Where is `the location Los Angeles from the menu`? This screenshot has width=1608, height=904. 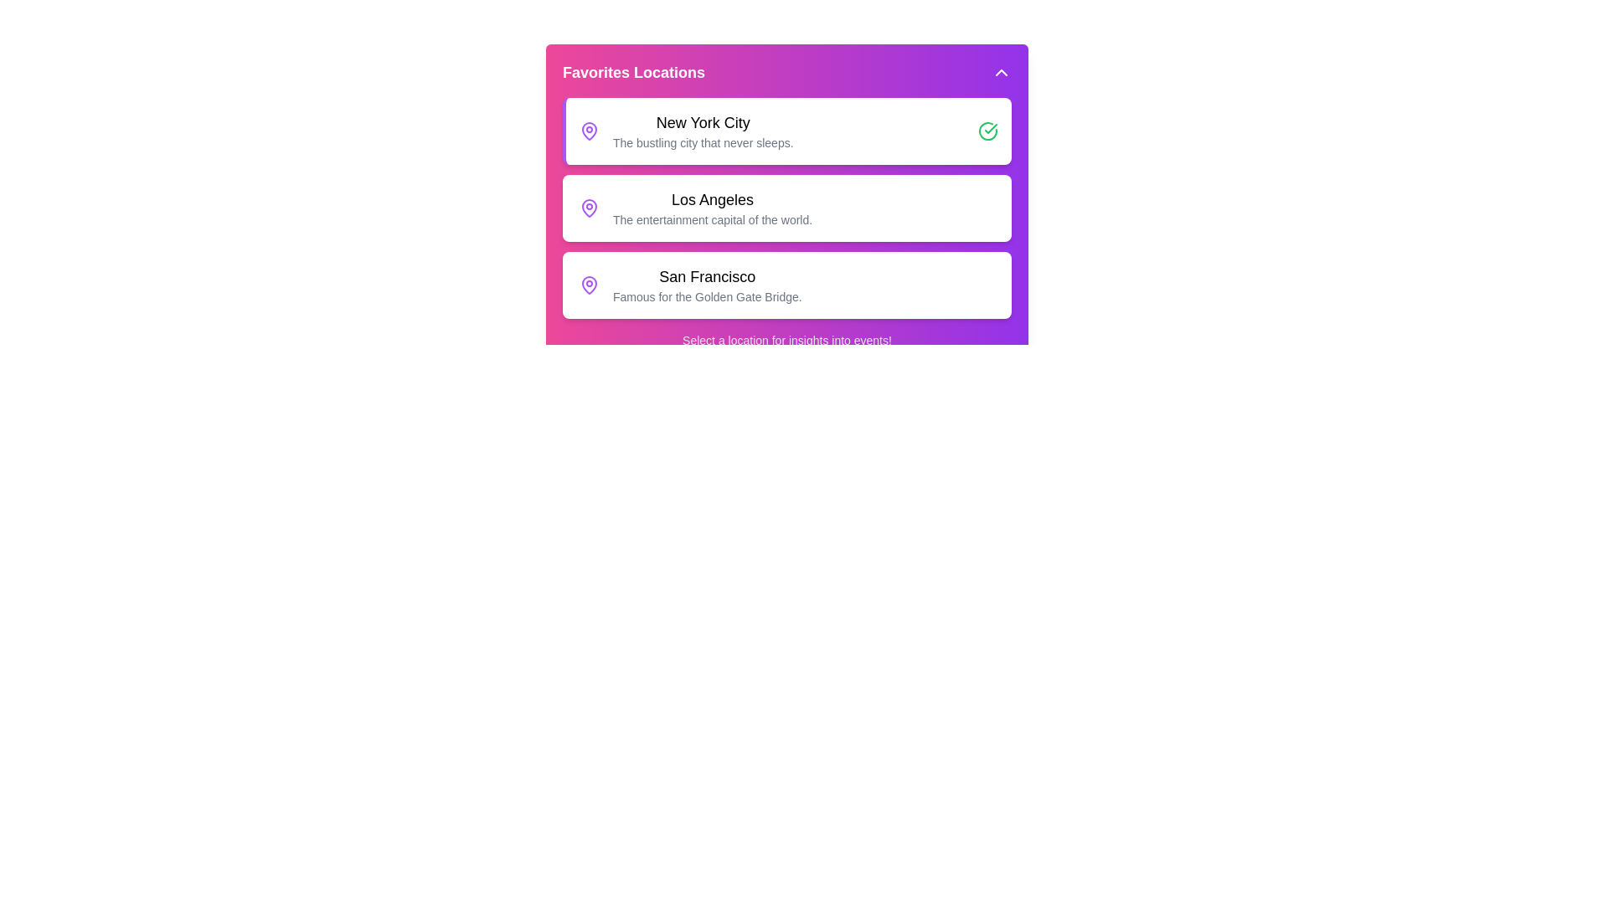
the location Los Angeles from the menu is located at coordinates (786, 208).